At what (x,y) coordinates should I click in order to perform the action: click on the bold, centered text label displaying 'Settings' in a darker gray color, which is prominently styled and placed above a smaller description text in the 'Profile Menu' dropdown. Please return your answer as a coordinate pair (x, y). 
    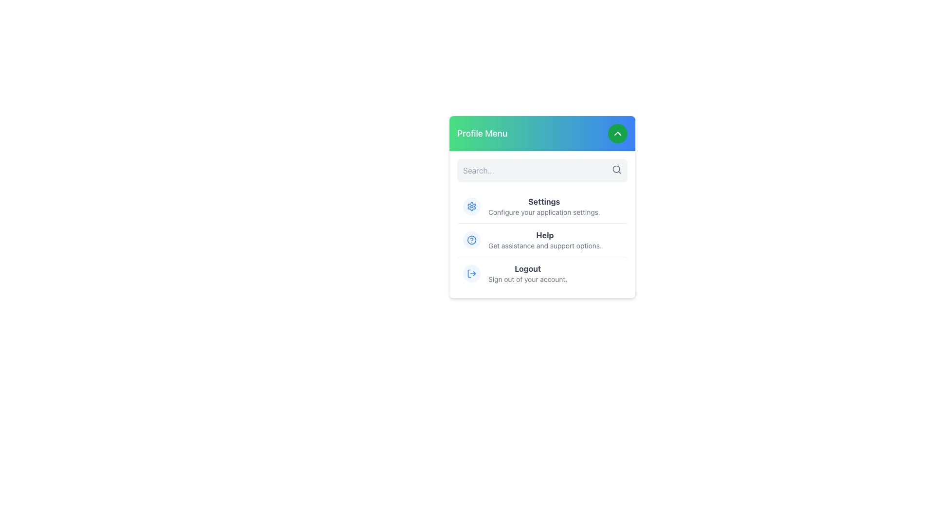
    Looking at the image, I should click on (543, 201).